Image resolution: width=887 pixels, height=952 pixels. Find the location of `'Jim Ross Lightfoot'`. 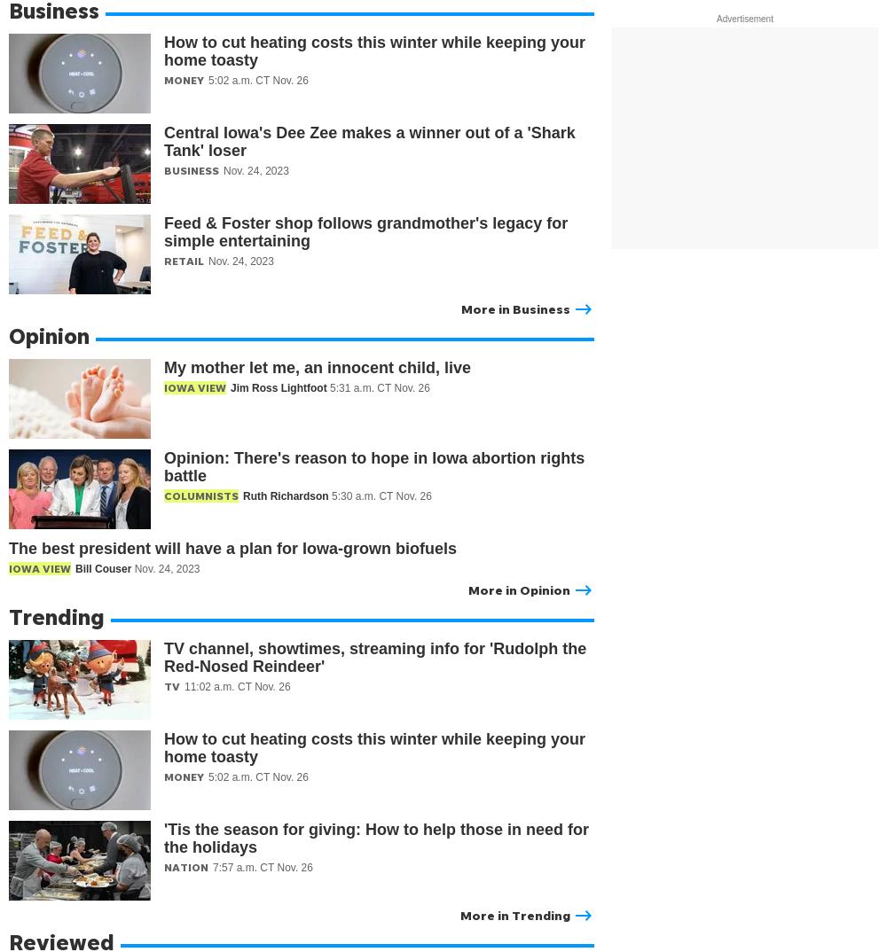

'Jim Ross Lightfoot' is located at coordinates (231, 386).